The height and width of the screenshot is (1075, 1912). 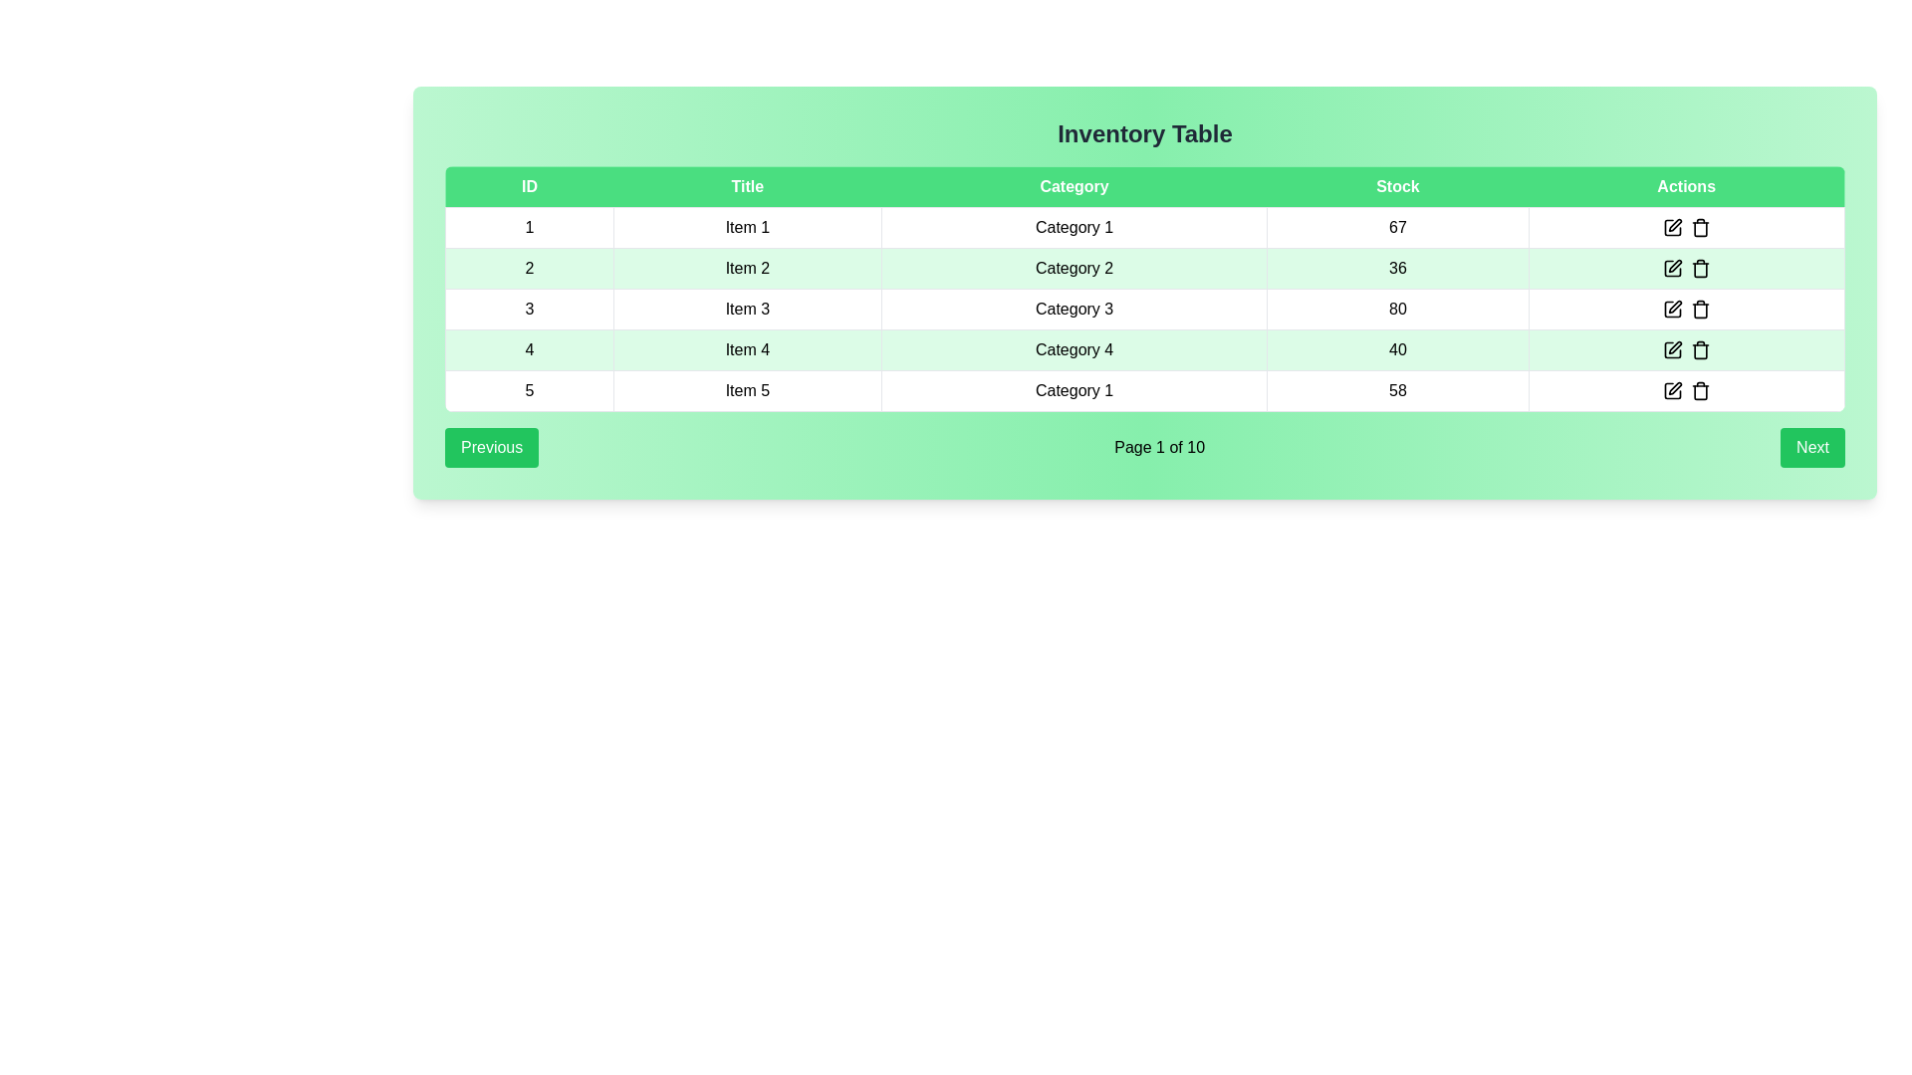 What do you see at coordinates (1145, 134) in the screenshot?
I see `the text label or heading that provides a title for the table, located at the top center of a box with a green gradient background` at bounding box center [1145, 134].